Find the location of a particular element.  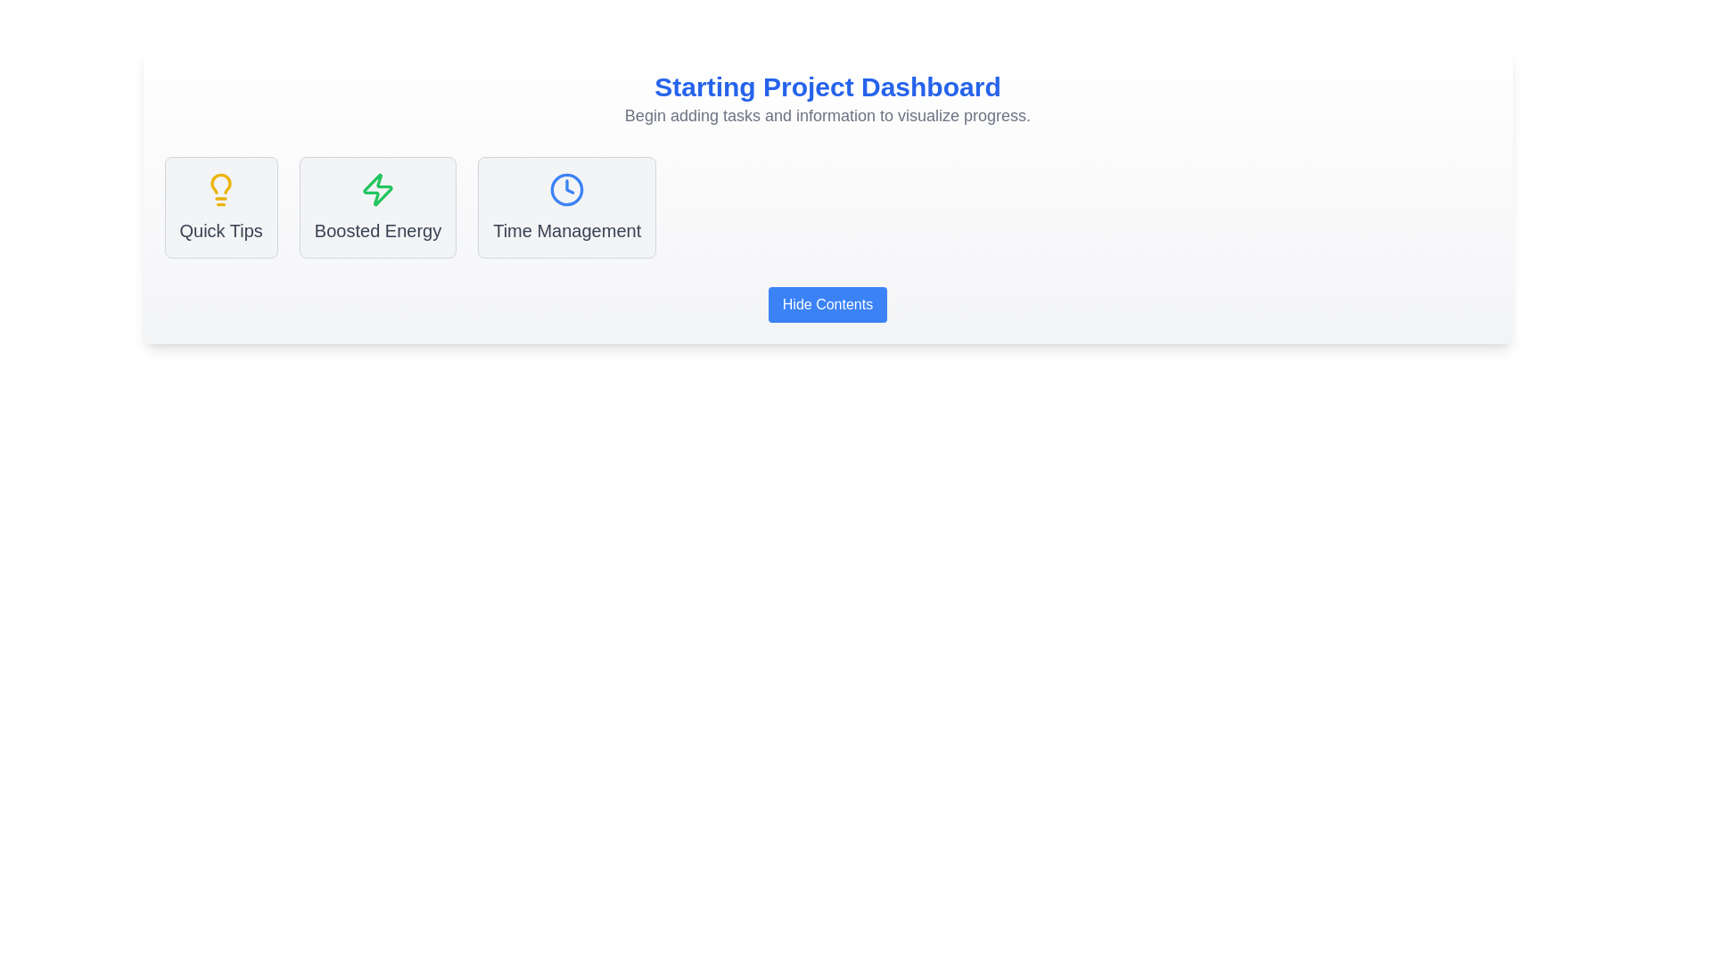

the lightning bolt icon representing the 'Boosted Energy' feature, which is centrally aligned above the text 'Boosted Energy' in the highlighted feature box is located at coordinates (376, 189).